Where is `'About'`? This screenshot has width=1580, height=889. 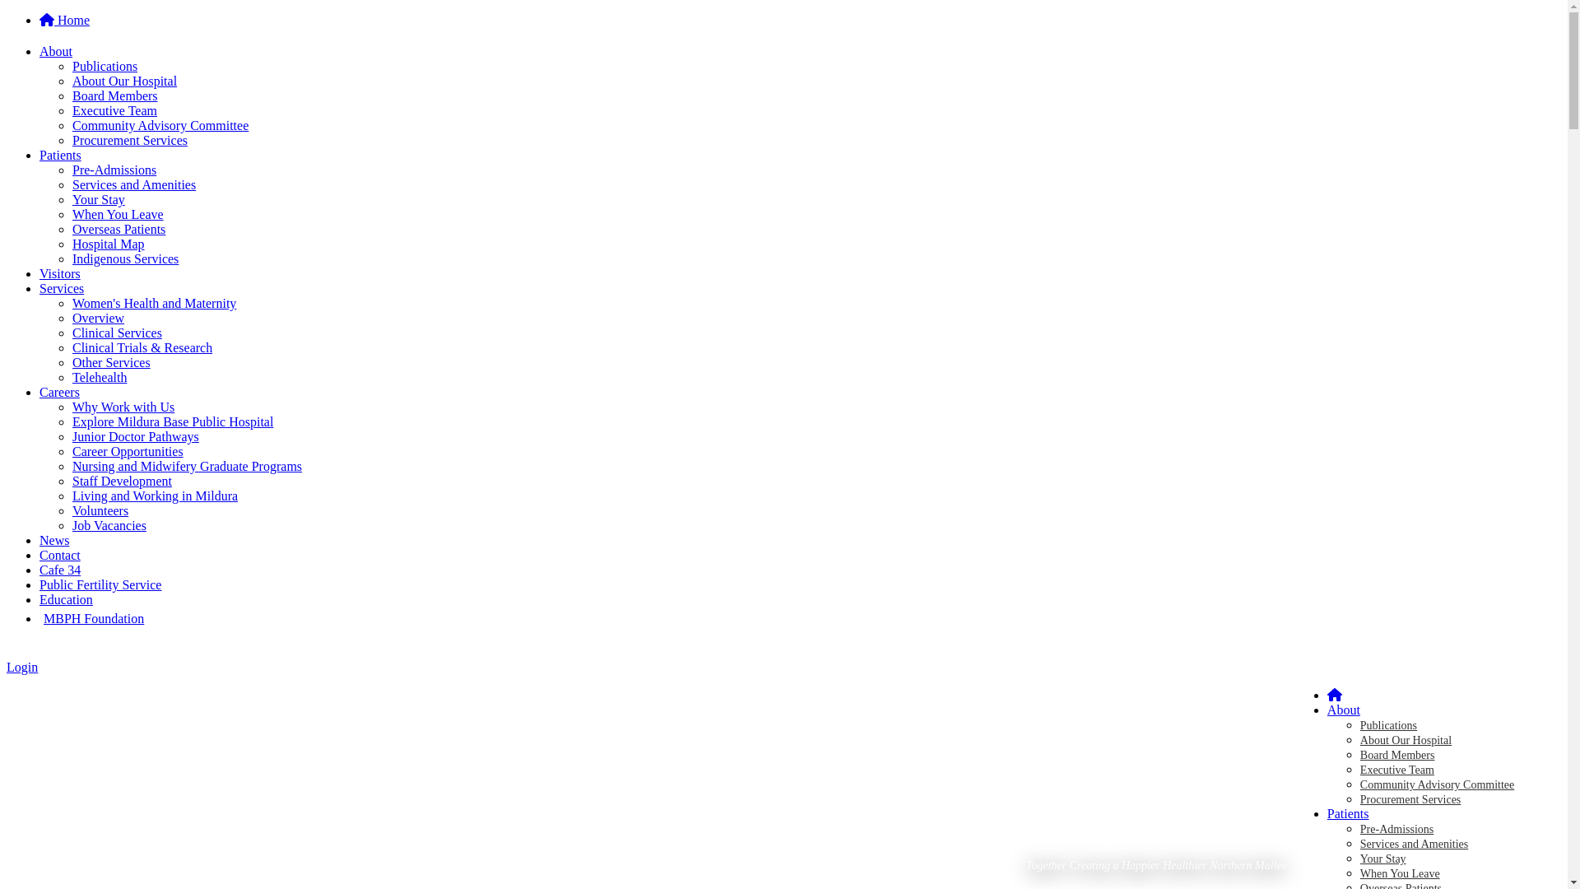 'About' is located at coordinates (1343, 709).